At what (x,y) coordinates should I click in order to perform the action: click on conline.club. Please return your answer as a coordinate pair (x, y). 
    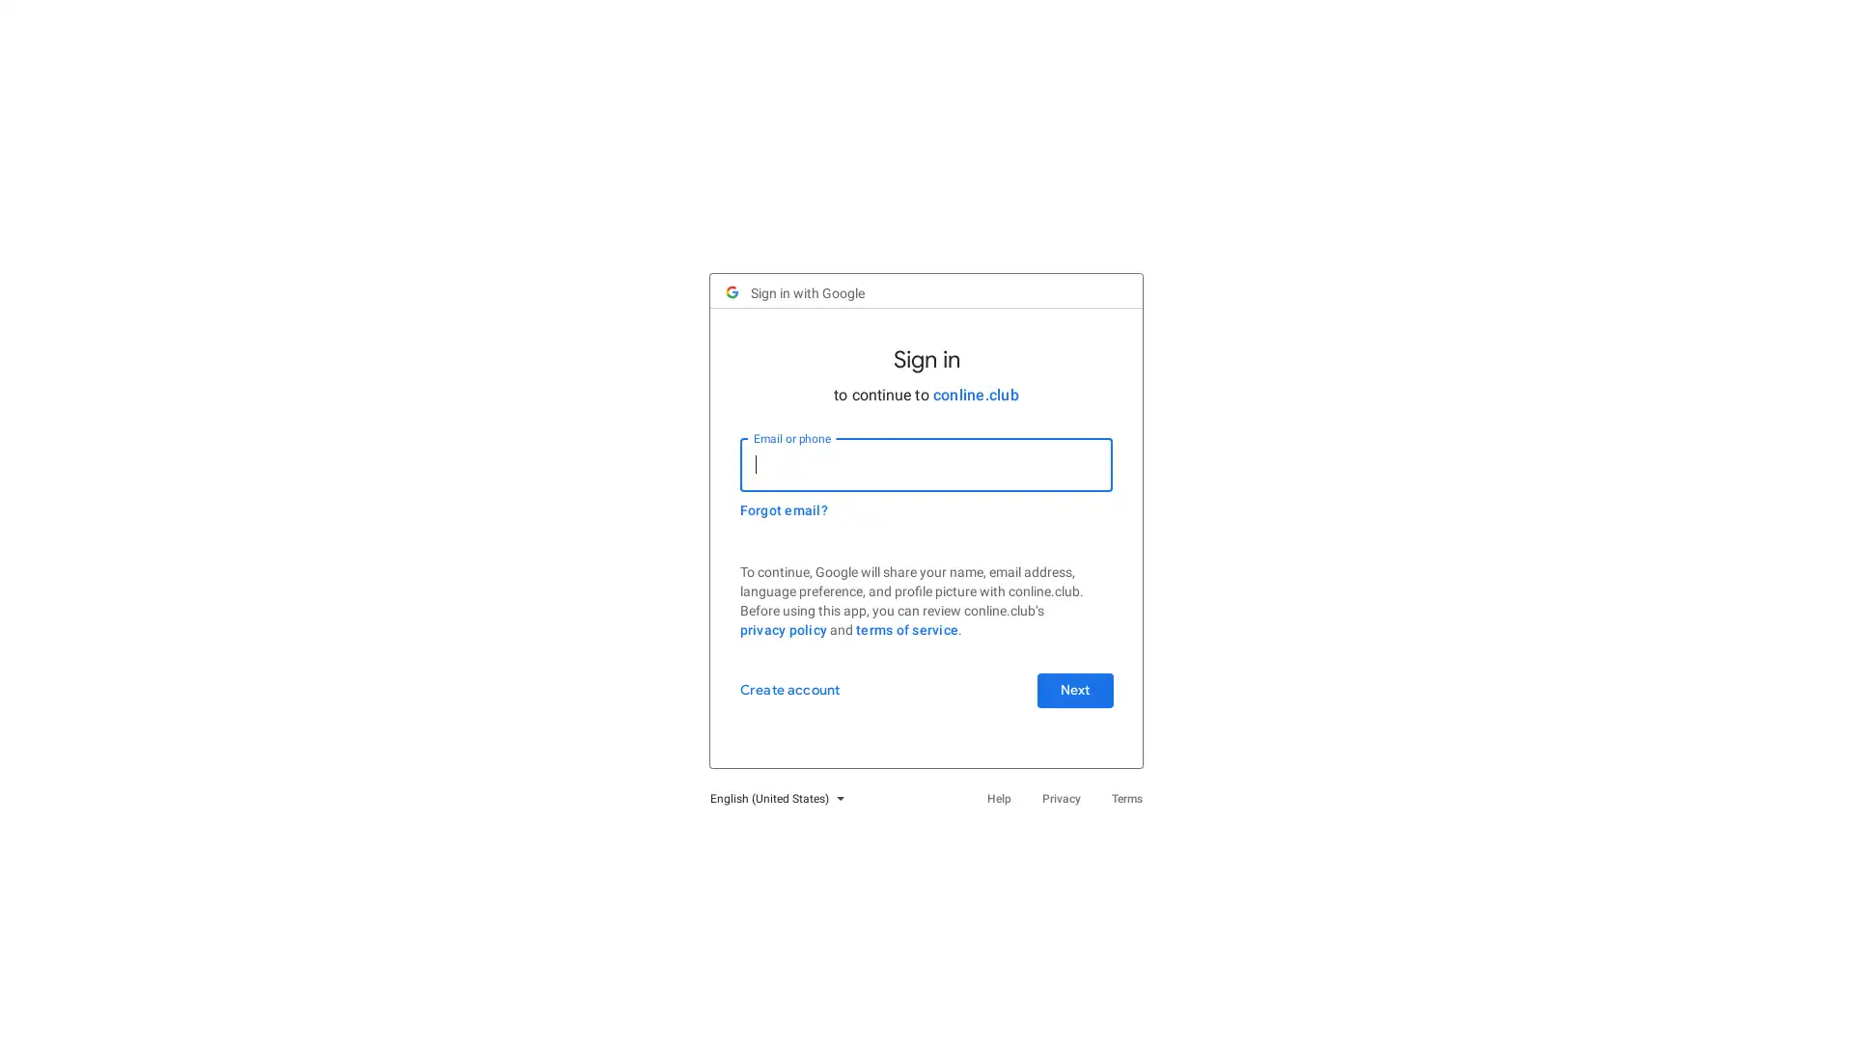
    Looking at the image, I should click on (975, 400).